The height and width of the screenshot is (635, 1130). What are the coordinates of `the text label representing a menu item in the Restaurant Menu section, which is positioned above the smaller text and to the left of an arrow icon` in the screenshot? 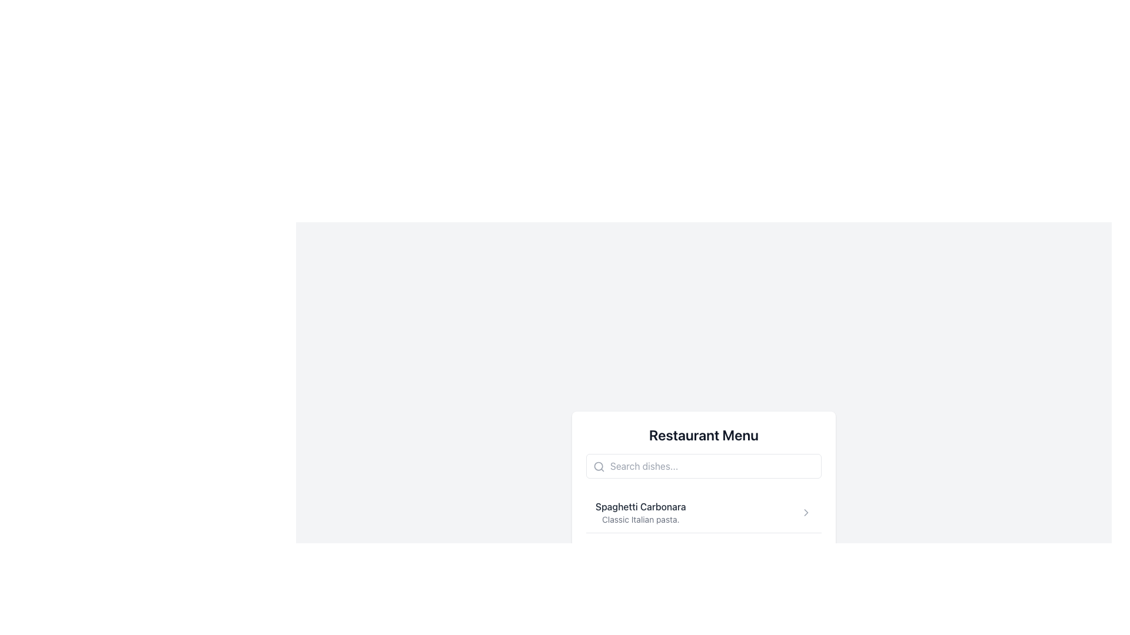 It's located at (640, 506).